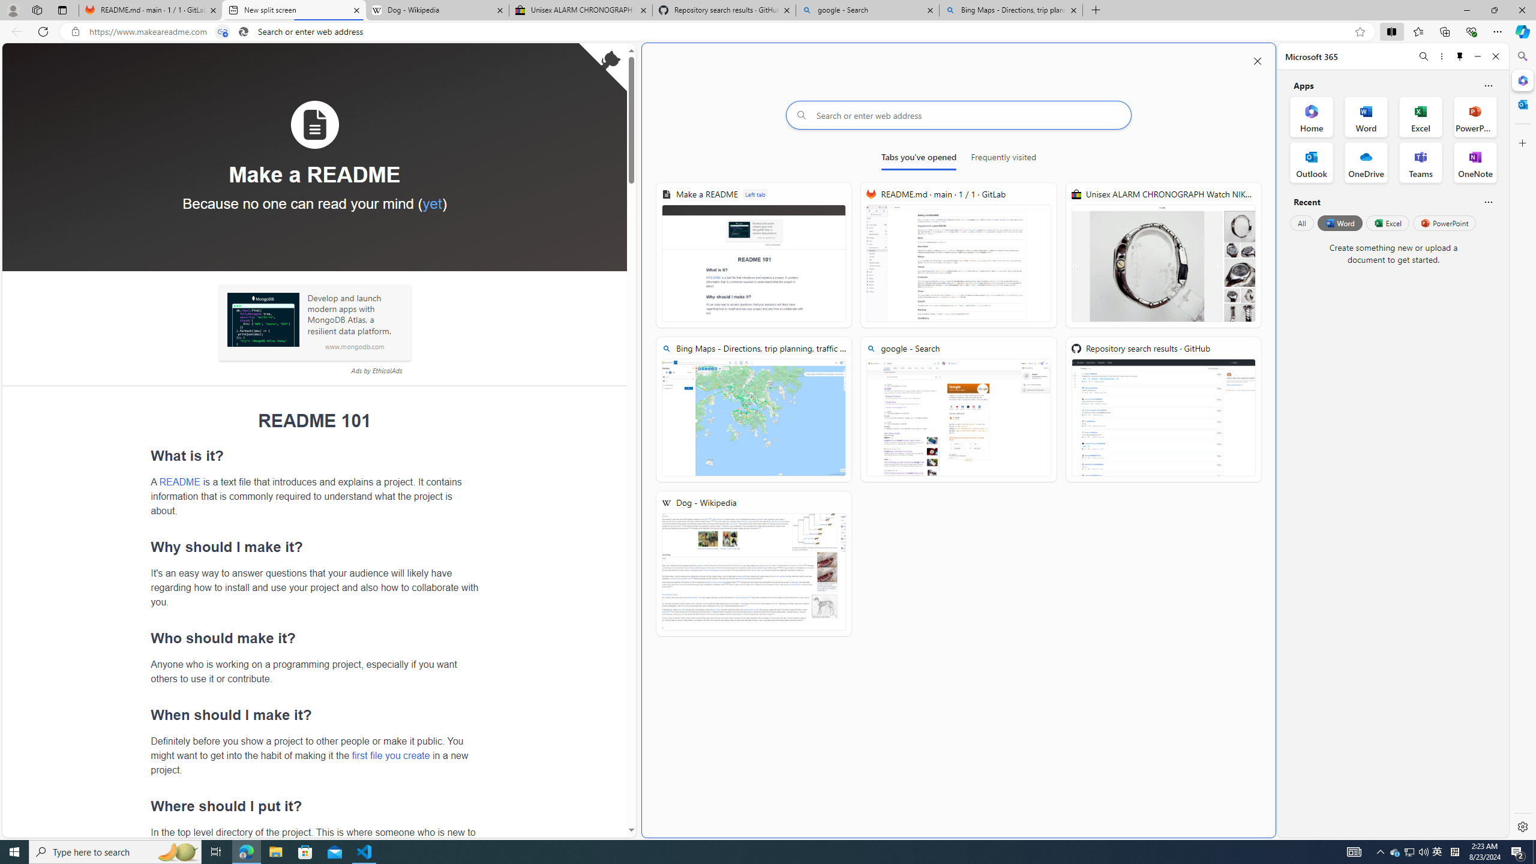 The image size is (1536, 864). I want to click on 'Dog - Wikipedia', so click(753, 563).